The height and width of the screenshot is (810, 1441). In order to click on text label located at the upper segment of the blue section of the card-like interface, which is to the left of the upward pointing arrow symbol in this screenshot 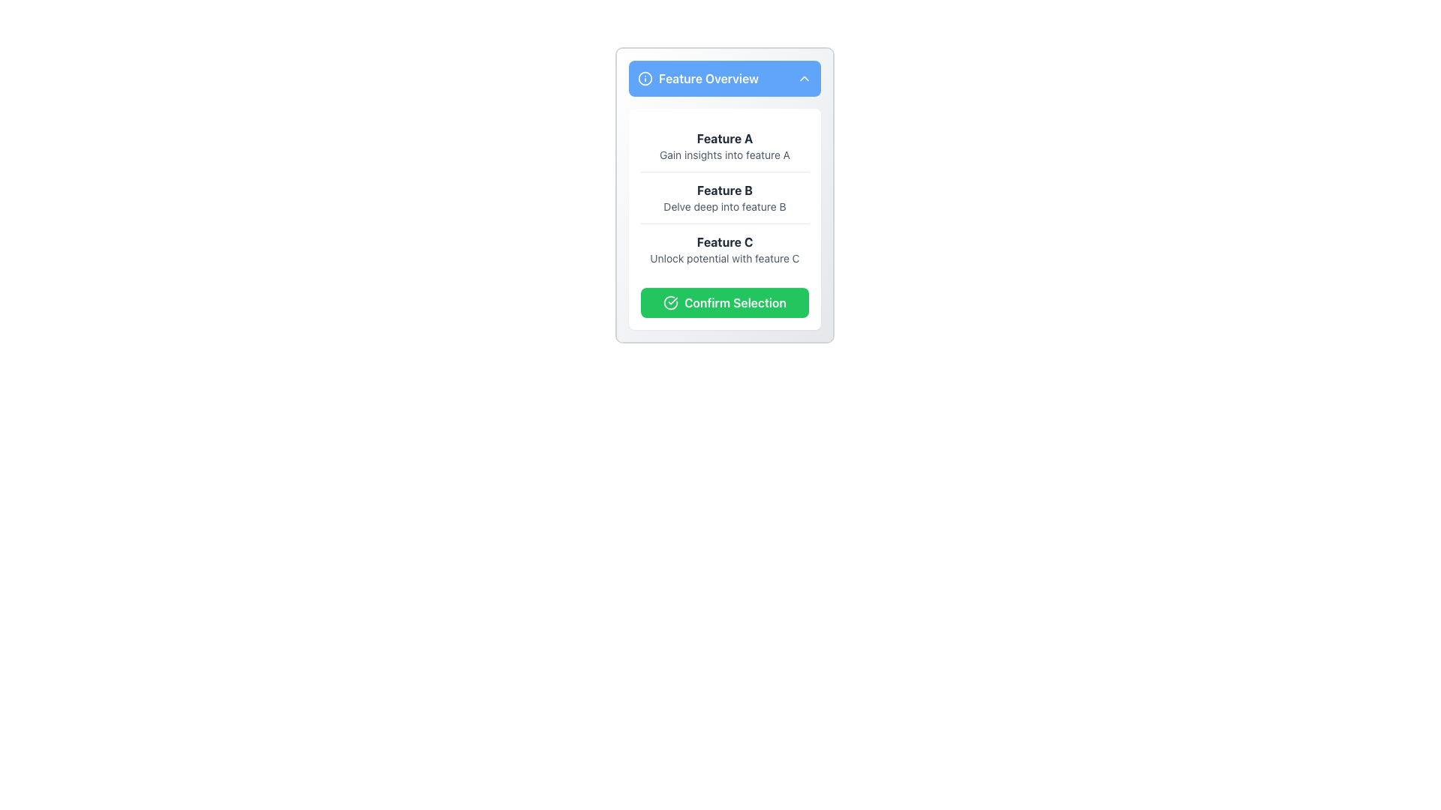, I will do `click(697, 78)`.